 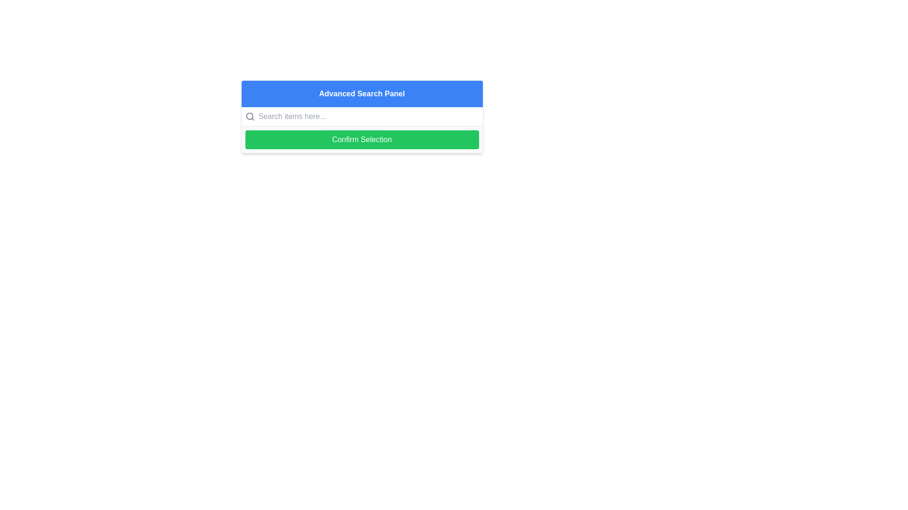 What do you see at coordinates (250, 116) in the screenshot?
I see `the gray magnifying glass icon, which signifies search functionality, located to the leftmost side of the search bar section` at bounding box center [250, 116].